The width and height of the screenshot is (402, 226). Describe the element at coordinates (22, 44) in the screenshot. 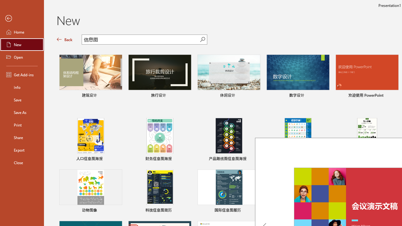

I see `'New'` at that location.